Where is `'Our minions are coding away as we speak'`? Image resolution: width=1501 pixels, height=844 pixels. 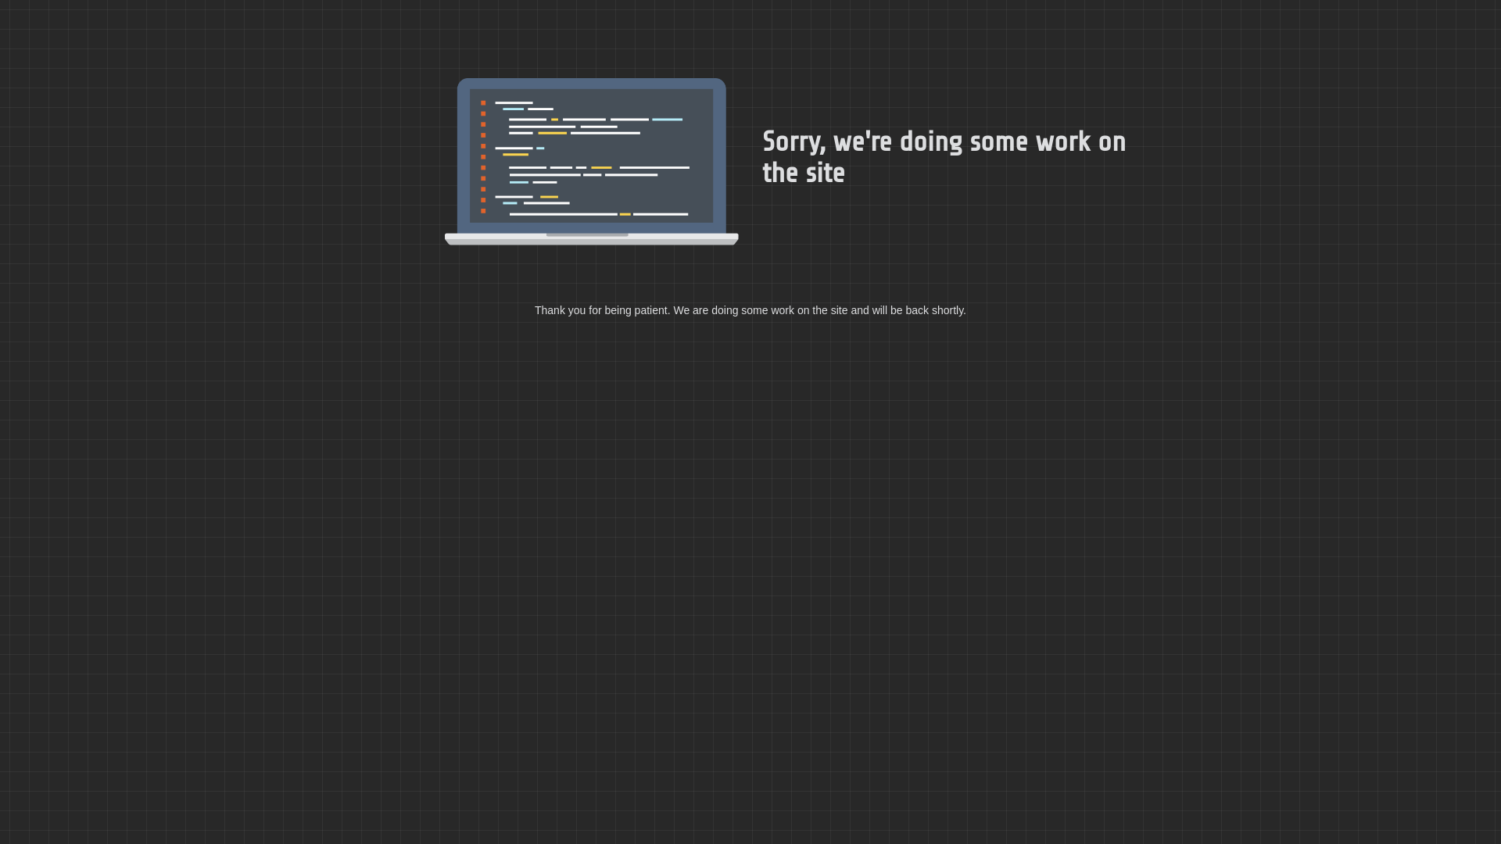 'Our minions are coding away as we speak' is located at coordinates (591, 162).